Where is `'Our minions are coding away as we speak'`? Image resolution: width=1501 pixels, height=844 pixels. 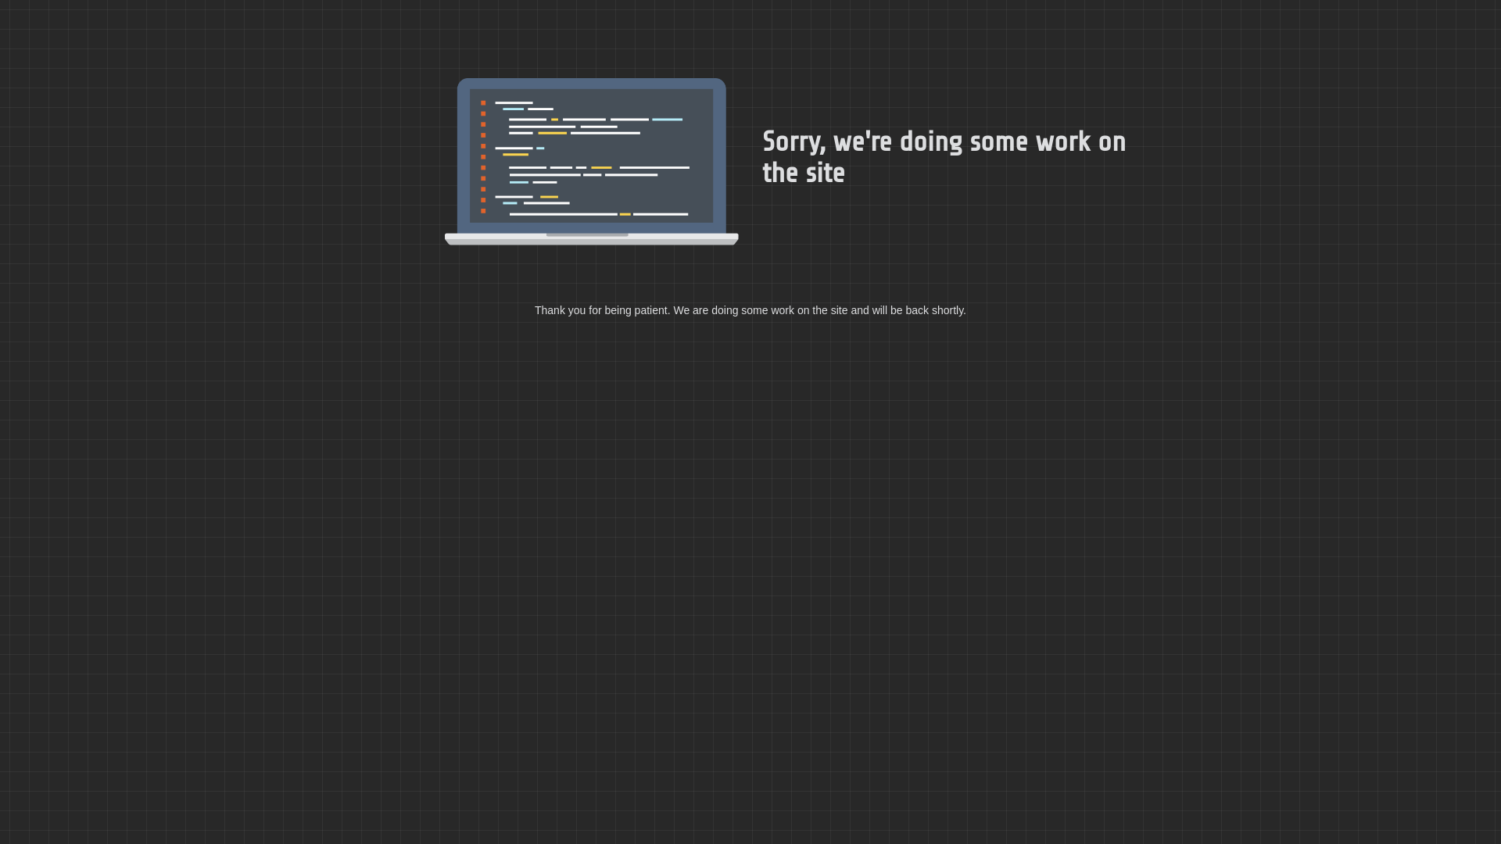 'Our minions are coding away as we speak' is located at coordinates (591, 162).